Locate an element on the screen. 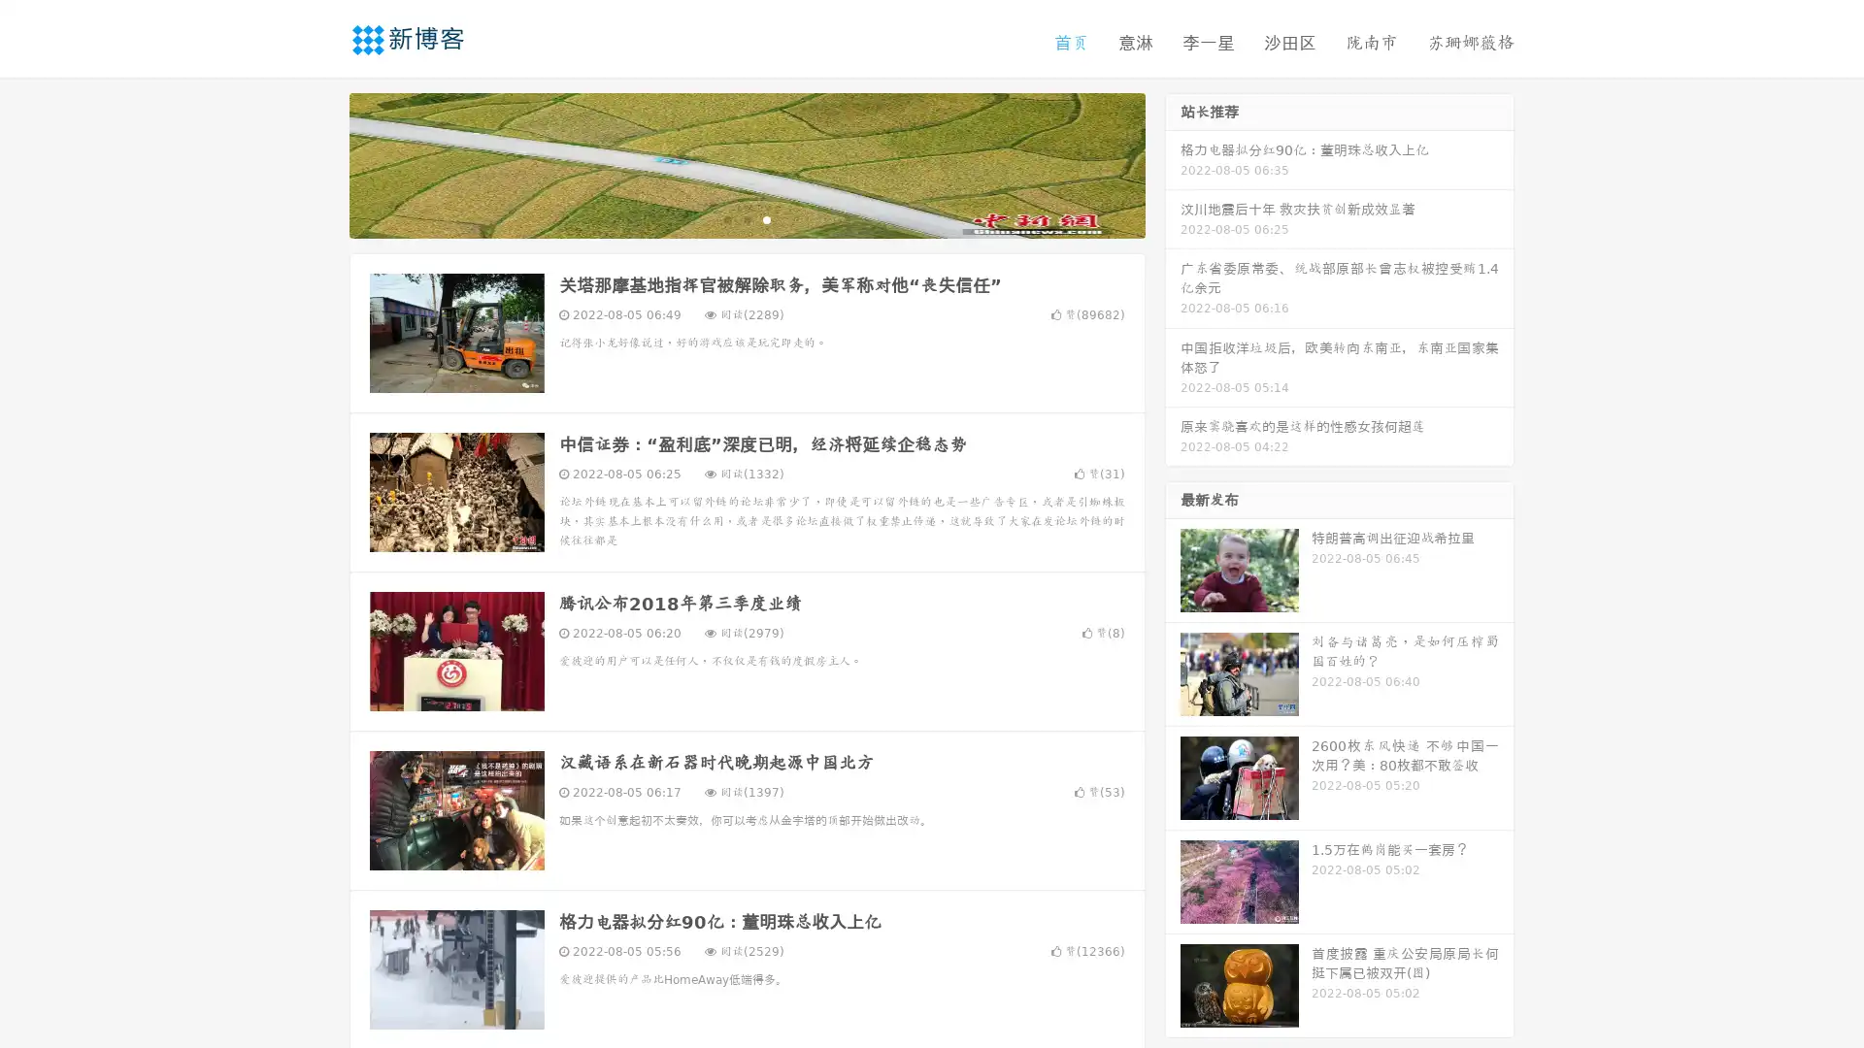 Image resolution: width=1864 pixels, height=1048 pixels. Previous slide is located at coordinates (320, 163).